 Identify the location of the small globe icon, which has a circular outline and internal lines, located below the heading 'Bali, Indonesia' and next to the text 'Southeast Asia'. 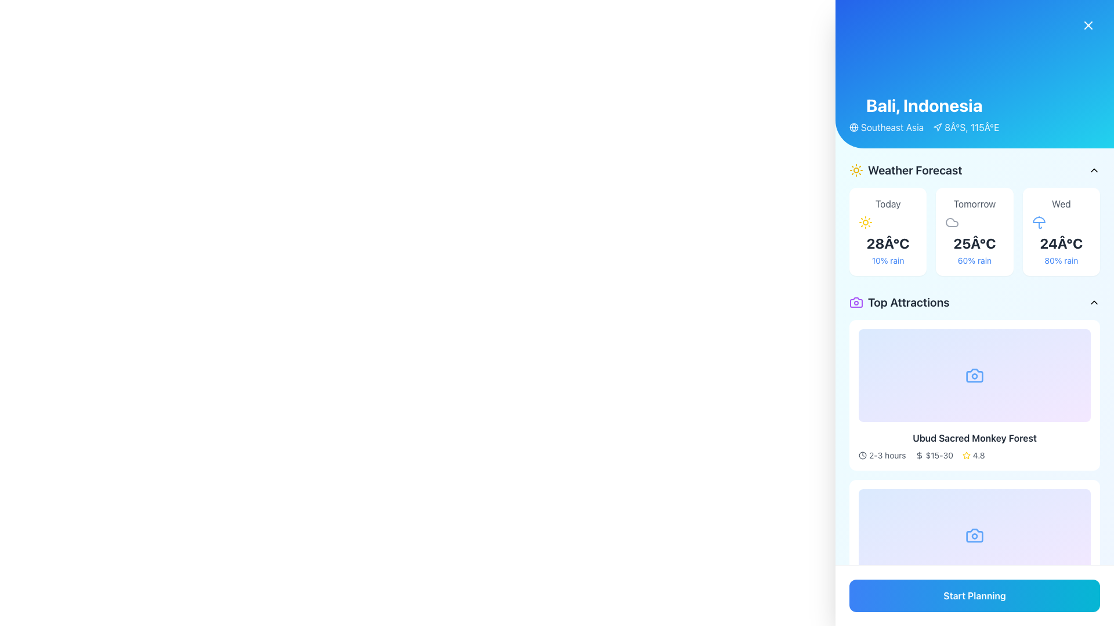
(854, 127).